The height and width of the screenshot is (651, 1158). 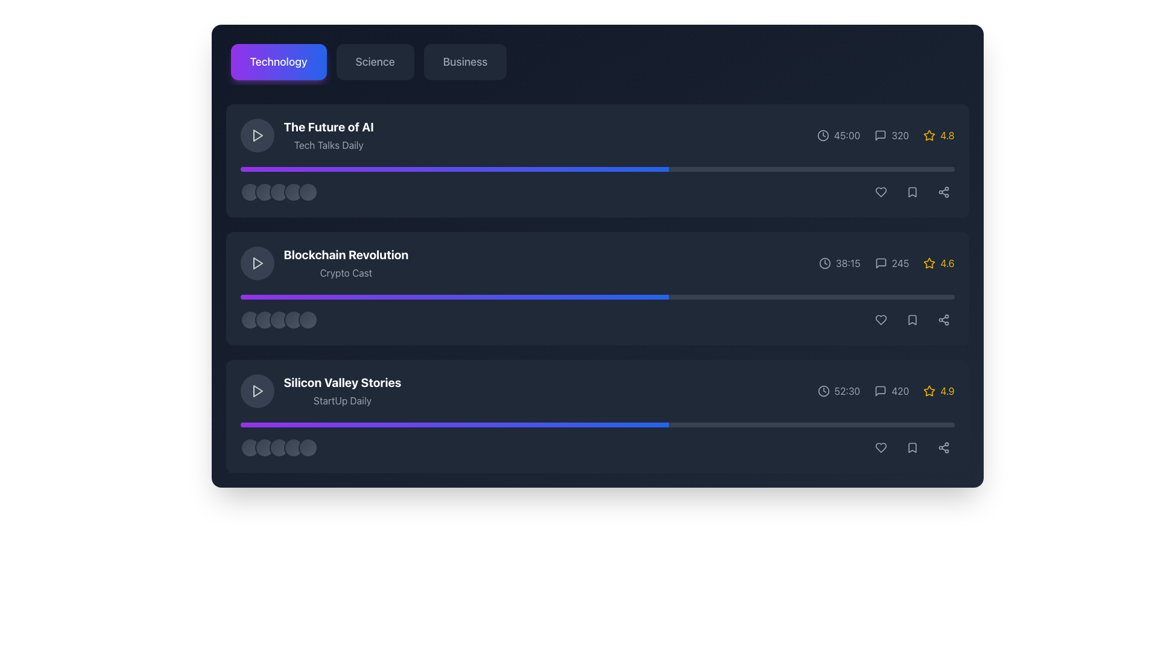 I want to click on the fourth circular avatar element from the left, which has a gradient background and a thick gray border, to interact with the progress indicator under the 'Blockchain Revolution' podcast, so click(x=293, y=319).